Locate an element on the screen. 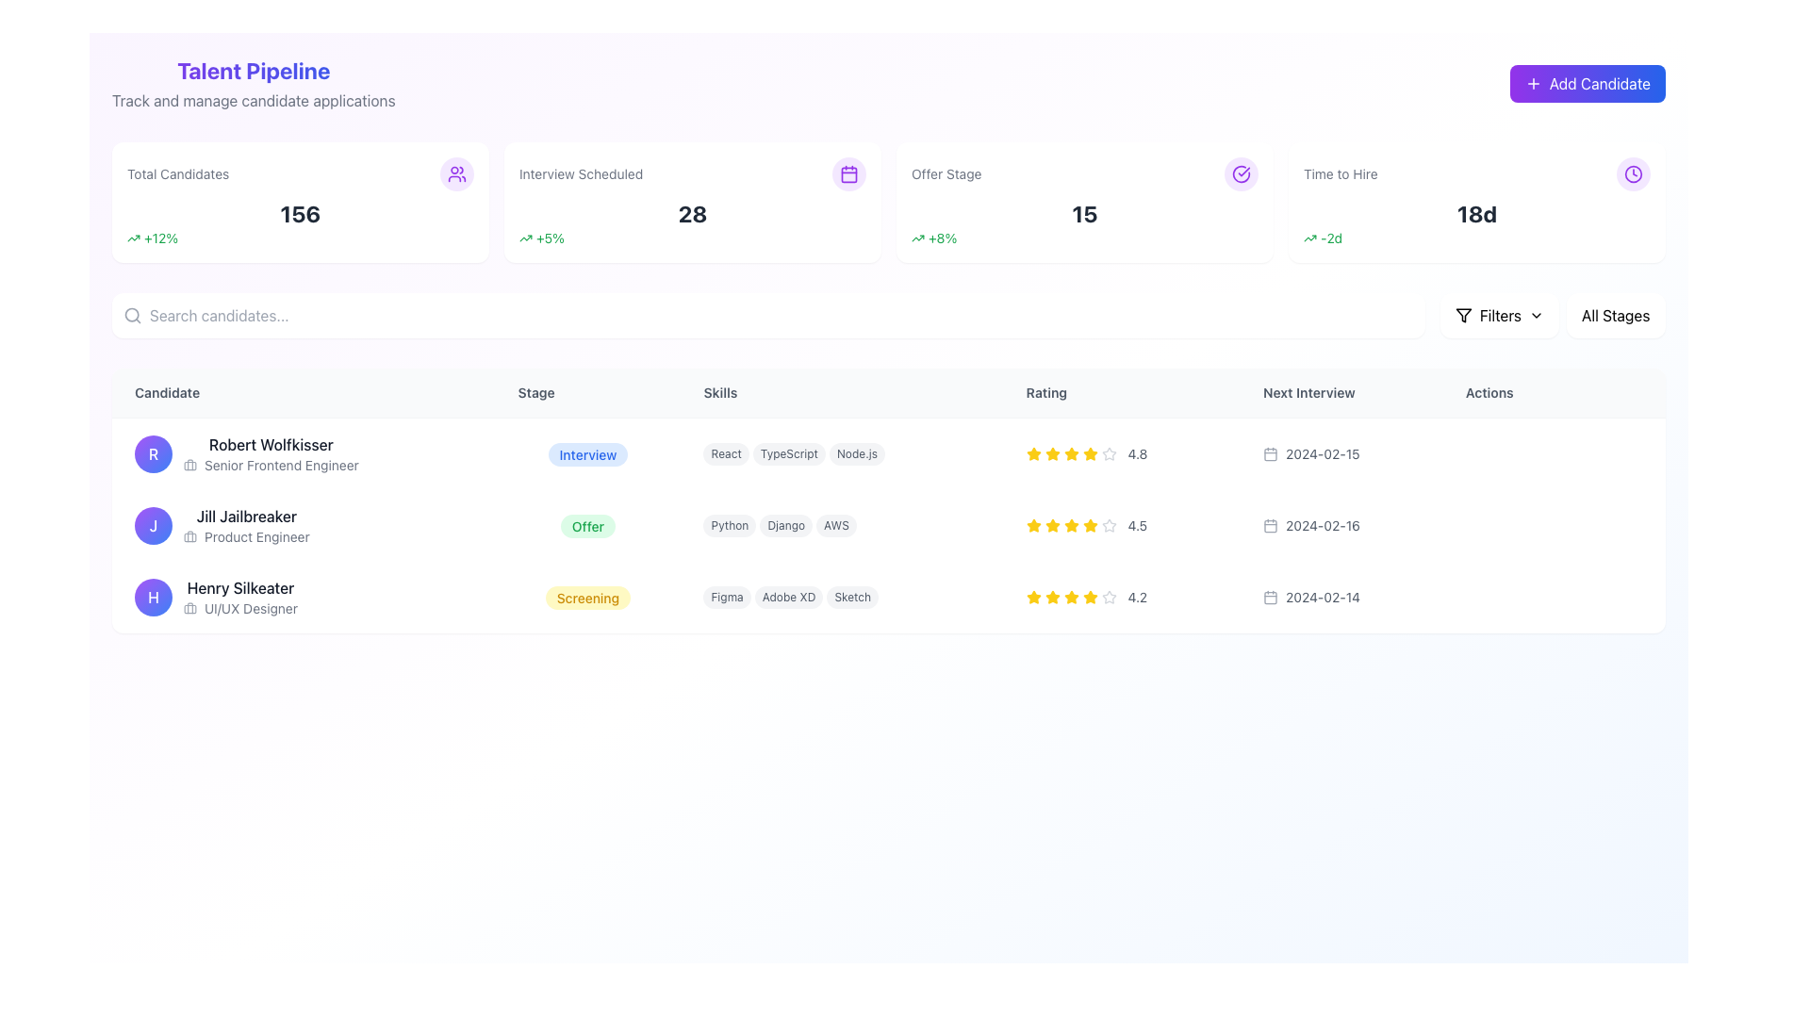 The image size is (1810, 1018). the circular icon with a light purple background and two human figures in darker purple, located in the 'Total Candidates' card, to the right of the numeric count '156' is located at coordinates (456, 174).